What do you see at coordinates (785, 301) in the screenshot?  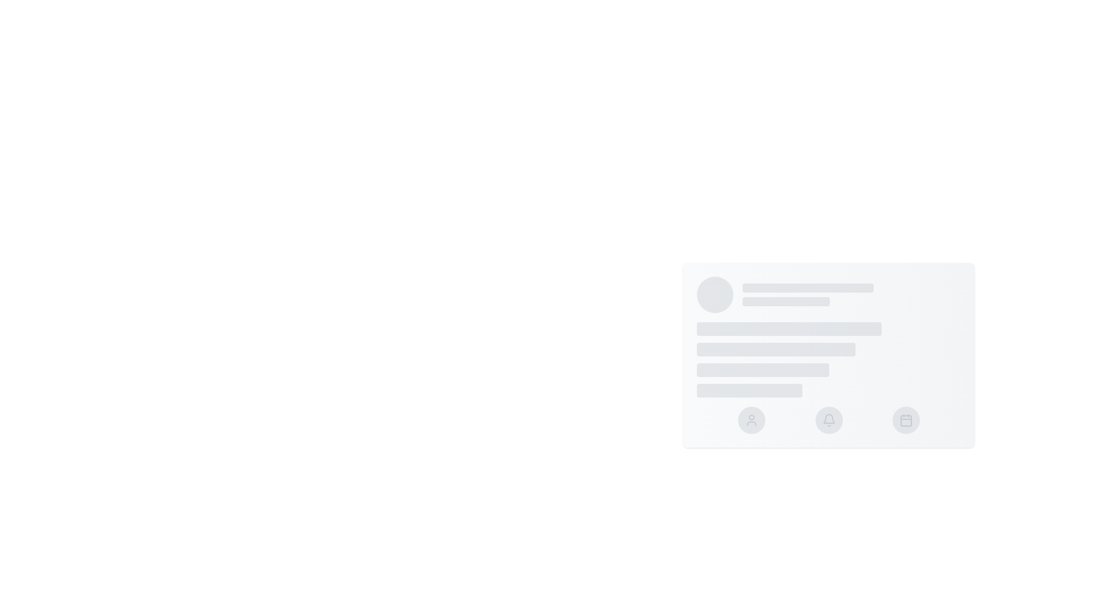 I see `the second skeleton loader element, which is a horizontally elongated rectangle with rounded edges and a light gray color, located within a card-like structure` at bounding box center [785, 301].